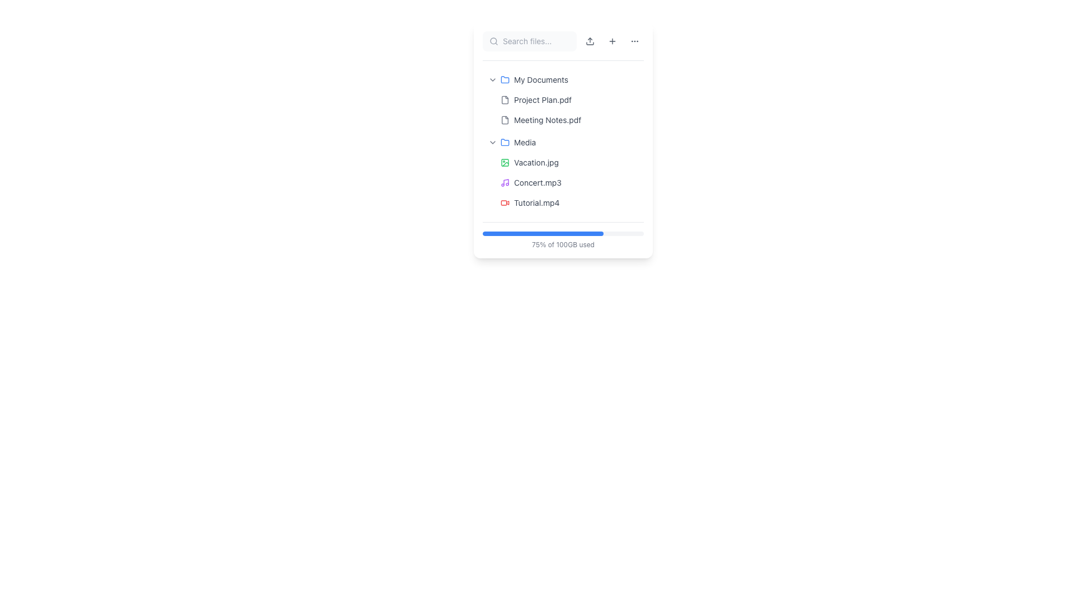 Image resolution: width=1074 pixels, height=604 pixels. What do you see at coordinates (569, 99) in the screenshot?
I see `on the 'Project Plan.pdf' file item in the 'My Documents' section` at bounding box center [569, 99].